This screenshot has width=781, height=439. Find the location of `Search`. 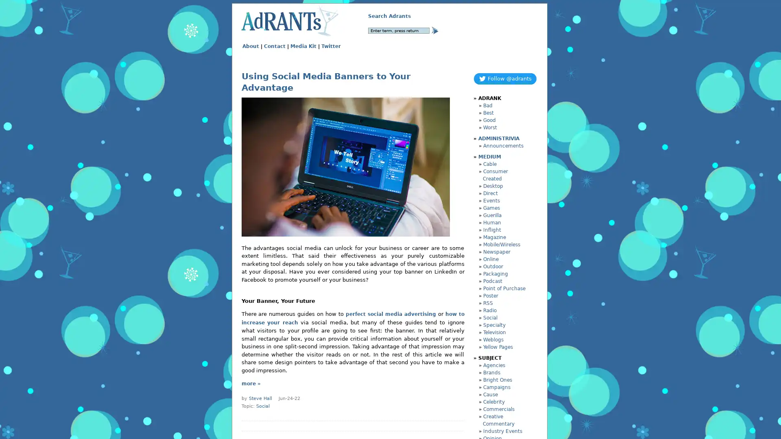

Search is located at coordinates (434, 30).